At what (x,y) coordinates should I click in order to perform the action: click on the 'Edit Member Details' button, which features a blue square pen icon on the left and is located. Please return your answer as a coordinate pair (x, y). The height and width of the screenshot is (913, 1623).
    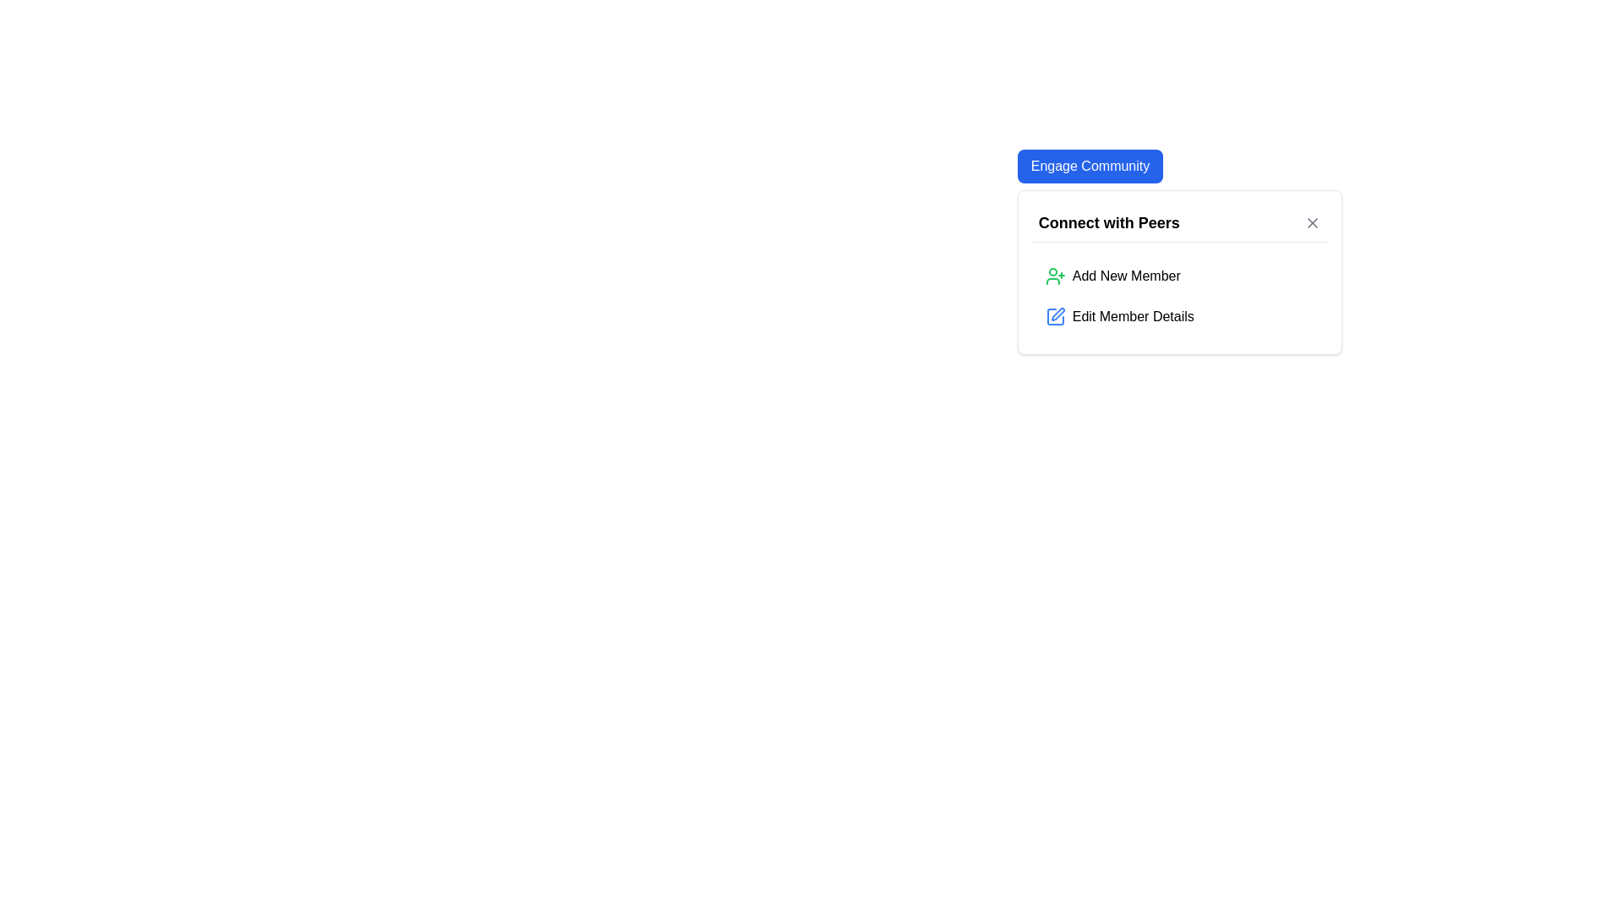
    Looking at the image, I should click on (1178, 316).